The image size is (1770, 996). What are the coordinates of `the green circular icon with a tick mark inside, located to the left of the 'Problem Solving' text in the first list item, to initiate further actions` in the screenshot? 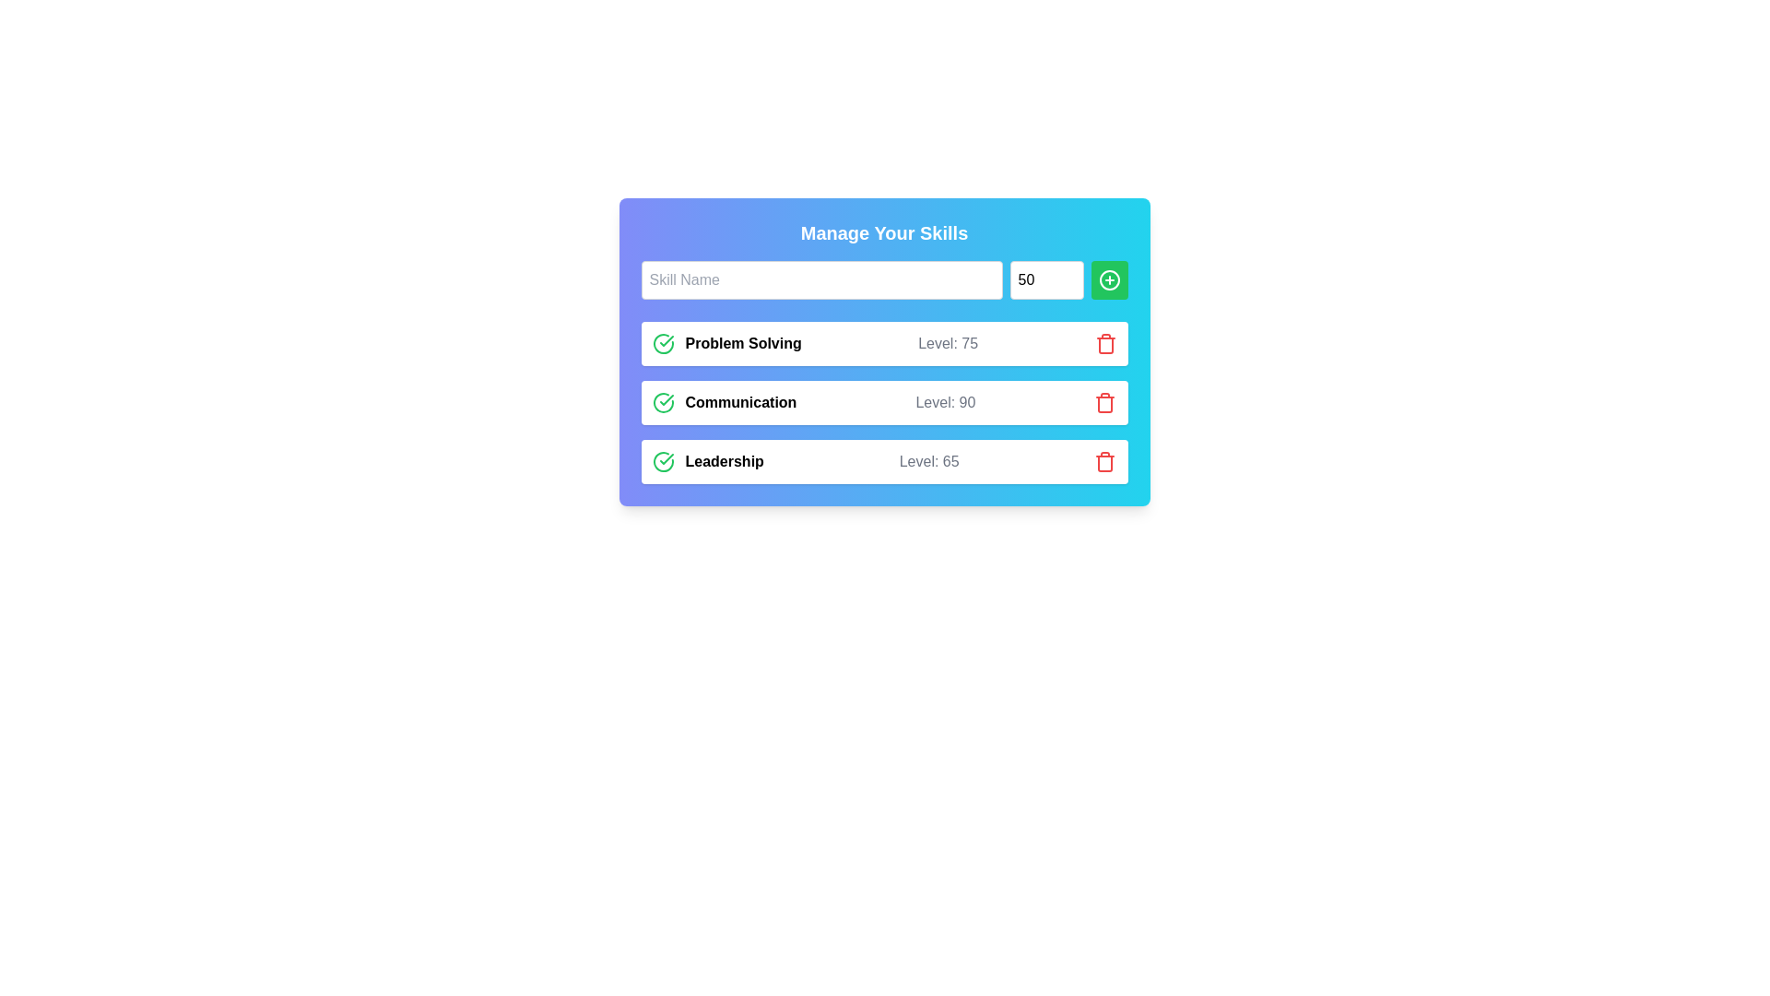 It's located at (663, 344).